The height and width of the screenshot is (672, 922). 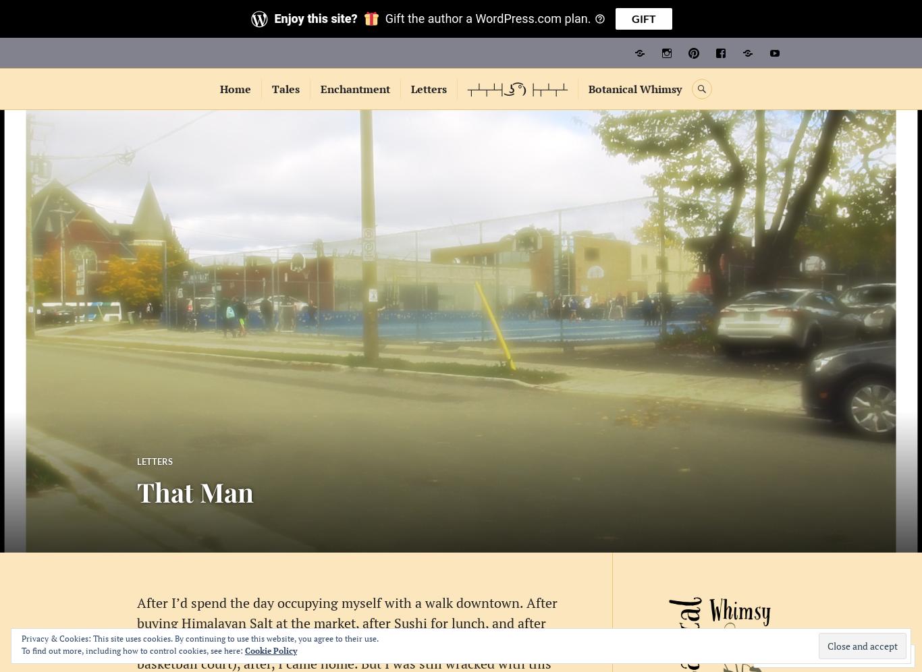 What do you see at coordinates (200, 638) in the screenshot?
I see `'Privacy & Cookies: This site uses cookies. By continuing to use this website, you agree to their use.'` at bounding box center [200, 638].